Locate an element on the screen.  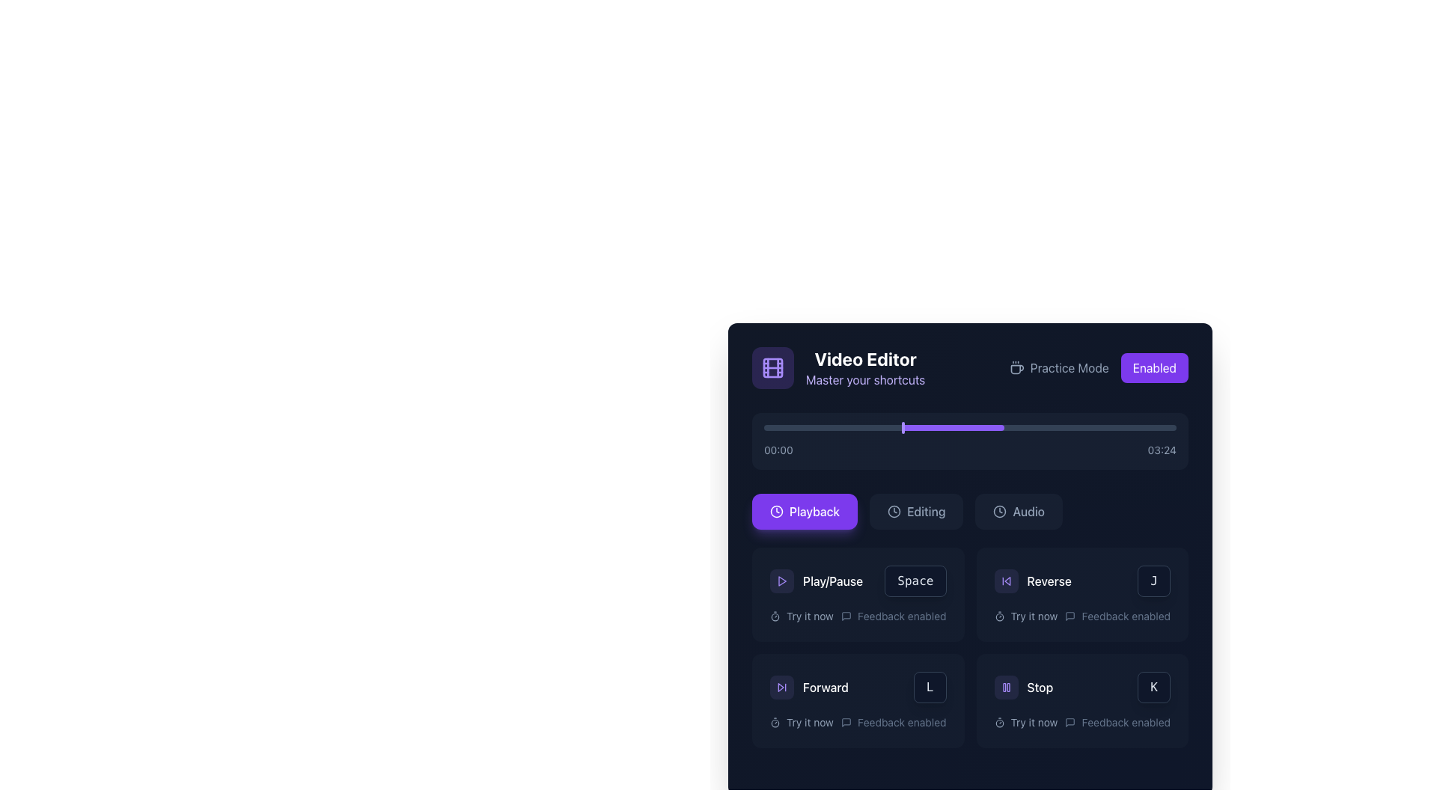
the informational text label with an icon located under the 'Play/Pause' section in the control panel, which suggests an action related to 'Trying' a particular feature or function is located at coordinates (801, 616).